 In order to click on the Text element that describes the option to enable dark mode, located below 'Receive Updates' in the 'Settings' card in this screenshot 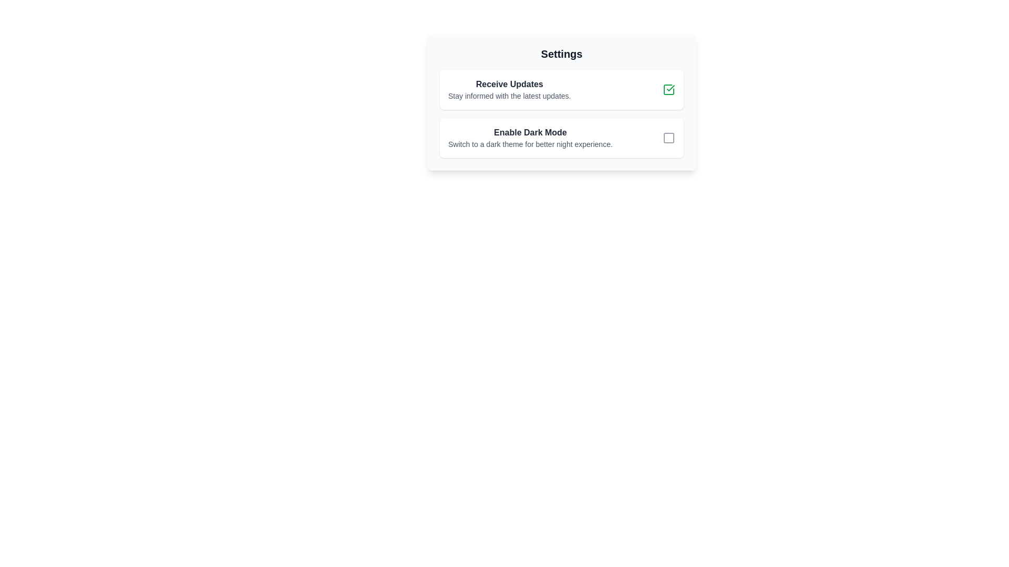, I will do `click(530, 137)`.